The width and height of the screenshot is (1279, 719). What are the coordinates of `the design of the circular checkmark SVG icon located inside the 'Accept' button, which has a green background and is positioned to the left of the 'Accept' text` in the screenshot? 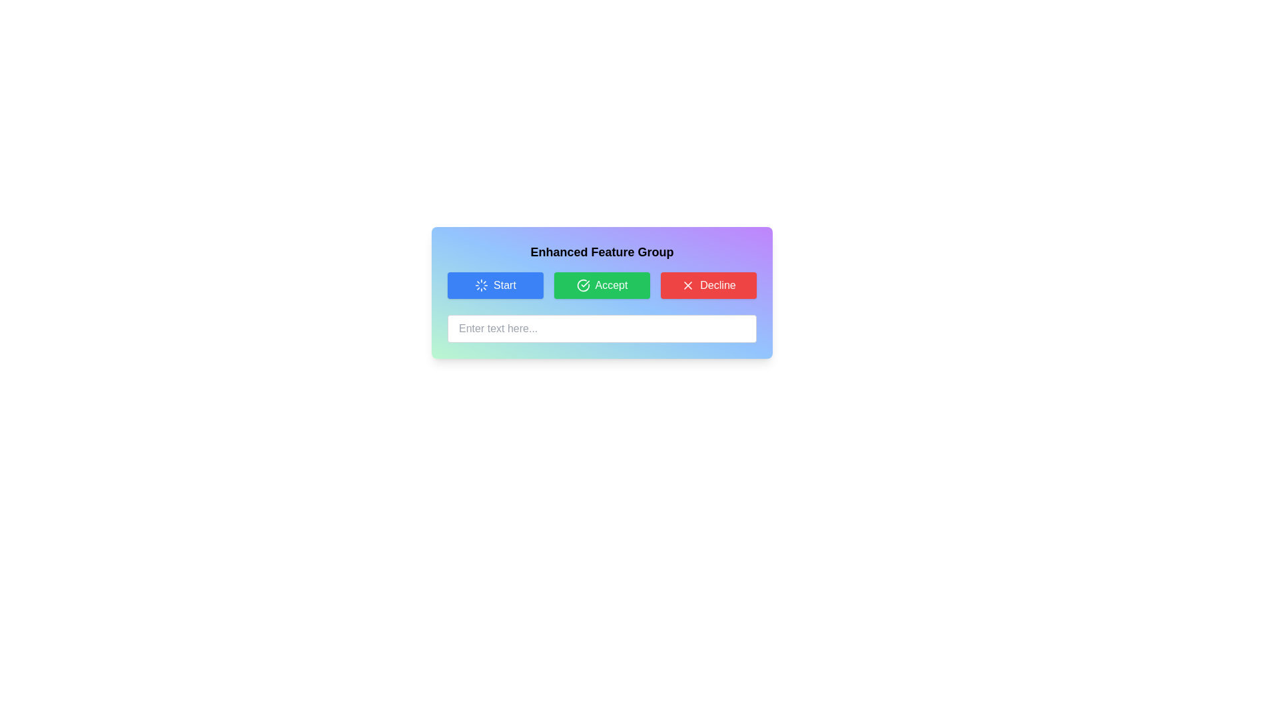 It's located at (583, 284).